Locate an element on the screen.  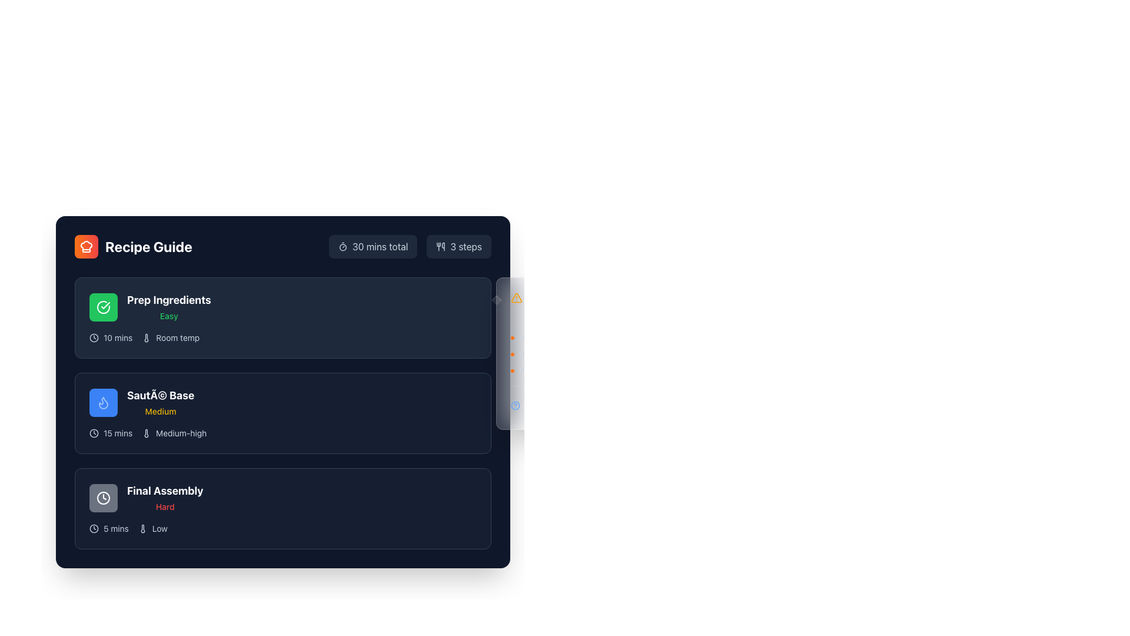
the icon that serves as a visual indicator for timing, located to the left of the bold text 'Final Assembly' in the bottom row of recipe steps is located at coordinates (104, 498).